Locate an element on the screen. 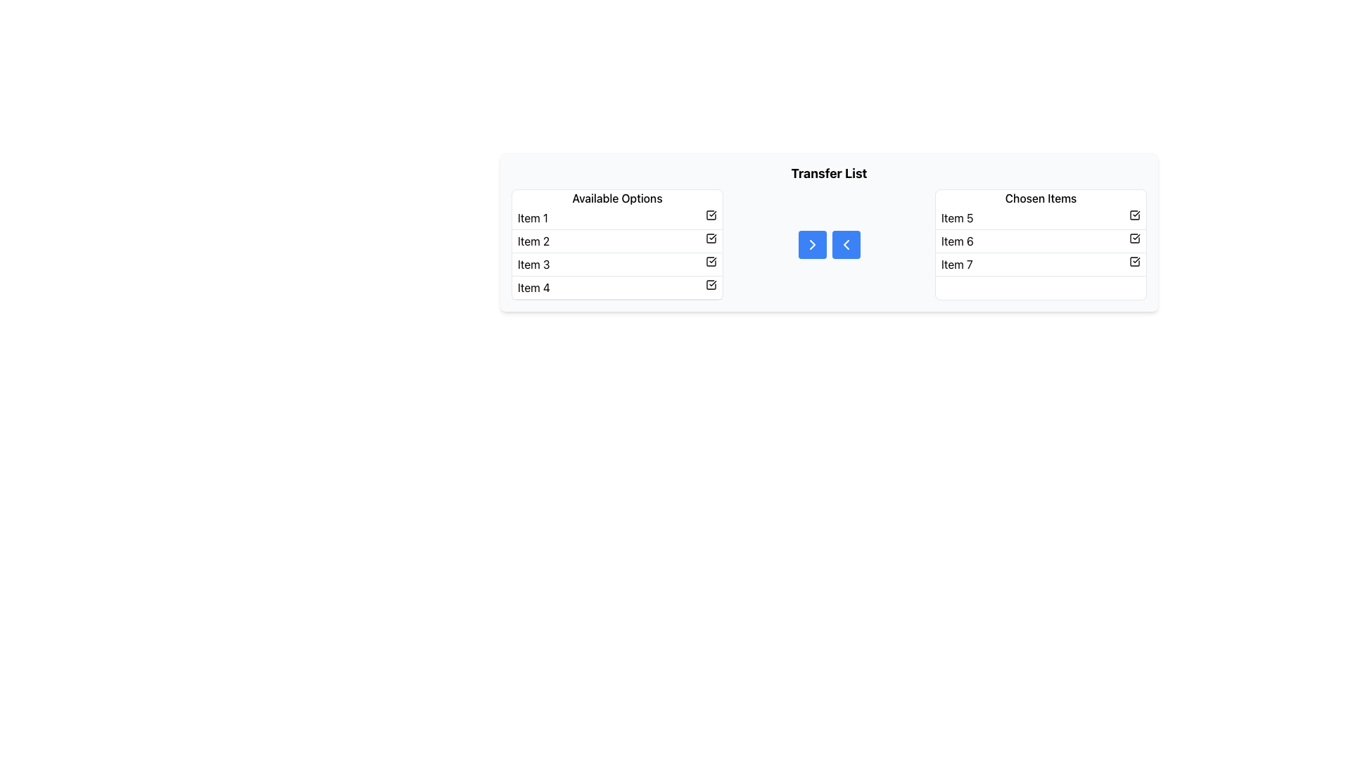  the checkbox with a check mark indicating the selected state next to the label 'Item 1' in the 'Available Options' list is located at coordinates (711, 215).